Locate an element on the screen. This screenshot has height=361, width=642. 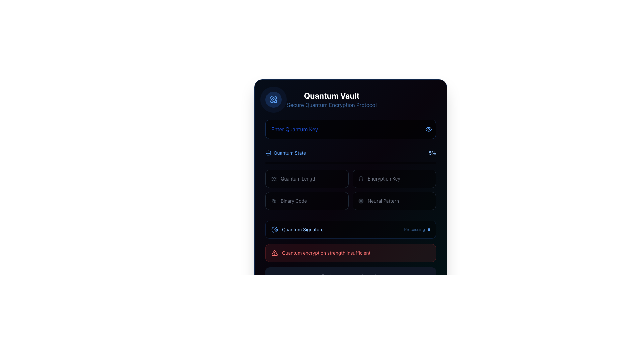
the 'Quantum Signature' label, which is located to the right of a fingerprint icon in the lower-middle section of the interface is located at coordinates (302, 229).